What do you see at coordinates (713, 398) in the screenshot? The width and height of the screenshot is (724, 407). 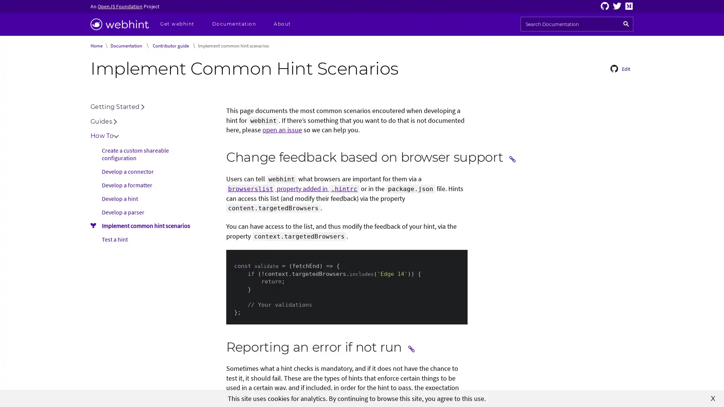 I see `close` at bounding box center [713, 398].